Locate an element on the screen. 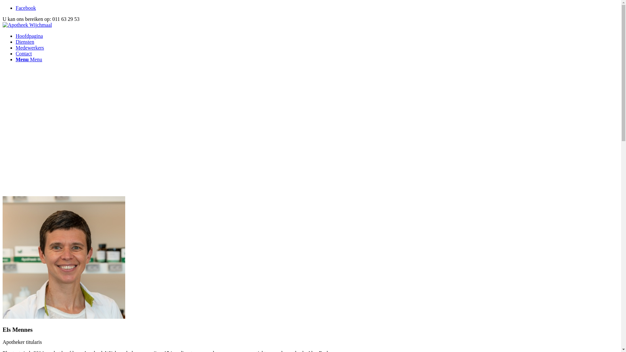 The height and width of the screenshot is (352, 626). 'Hoofdpagina' is located at coordinates (29, 36).